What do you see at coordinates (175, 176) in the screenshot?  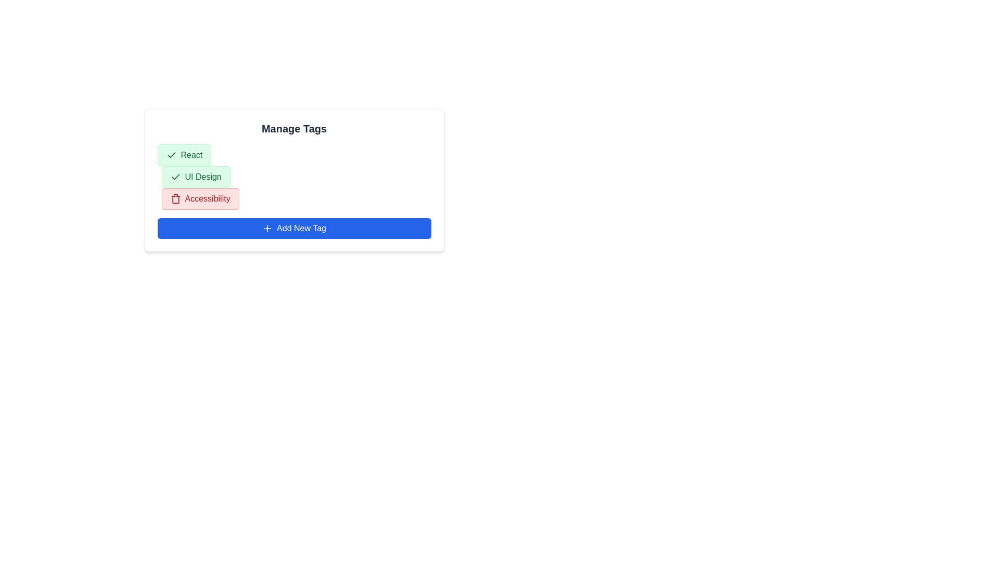 I see `the state of the checkmark icon located to the left of the 'UI Design' tag, indicating it is selected or active` at bounding box center [175, 176].